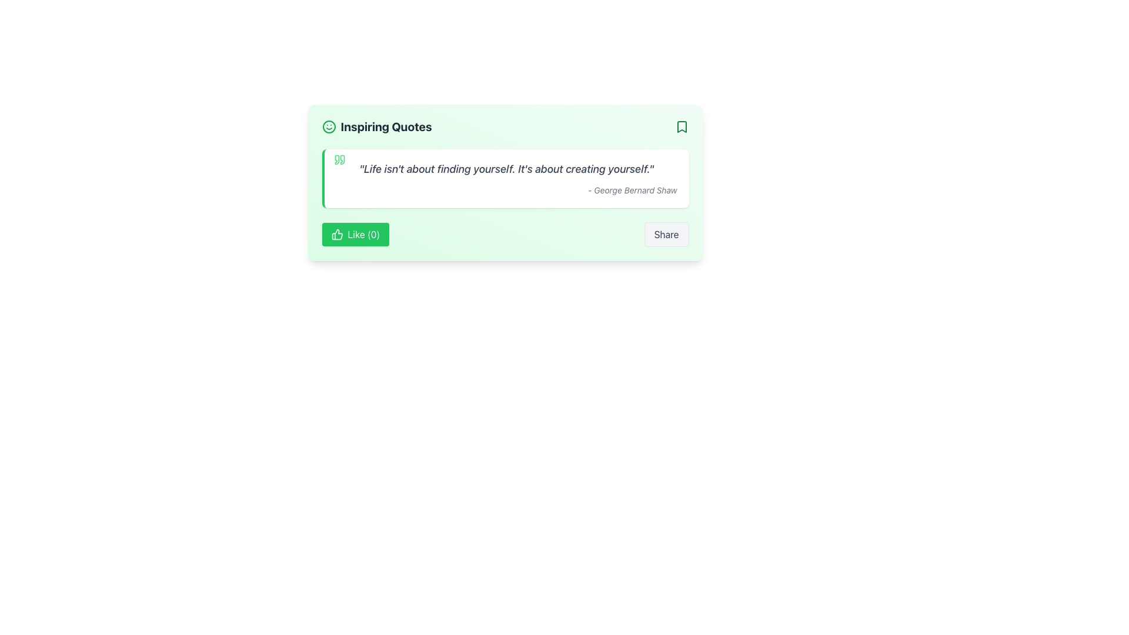  I want to click on the decorative SVG Circle that forms part of the smiley face icon within the 'Inspiring Quotes' card component, so click(329, 127).